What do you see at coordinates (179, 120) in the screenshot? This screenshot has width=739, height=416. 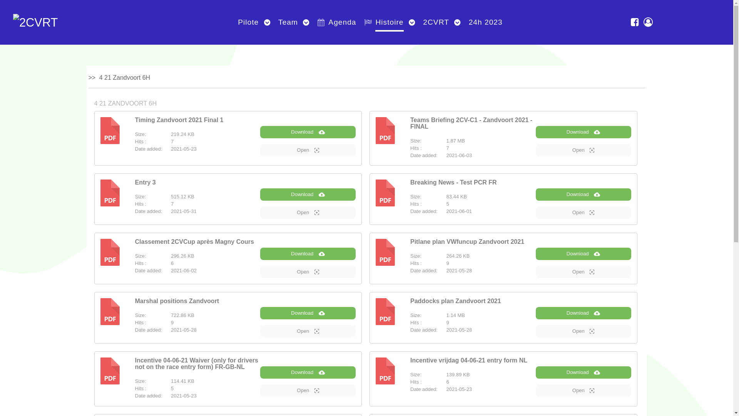 I see `'Timing Zandvoort 2021 Final 1'` at bounding box center [179, 120].